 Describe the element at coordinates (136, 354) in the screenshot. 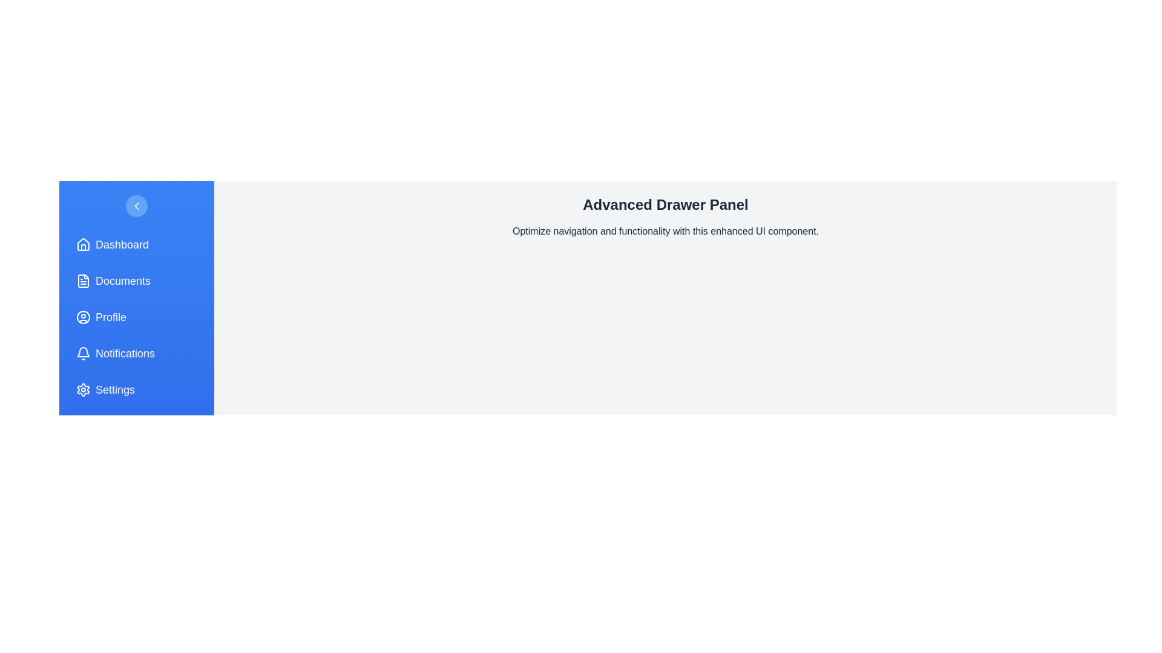

I see `the menu item labeled Notifications` at that location.